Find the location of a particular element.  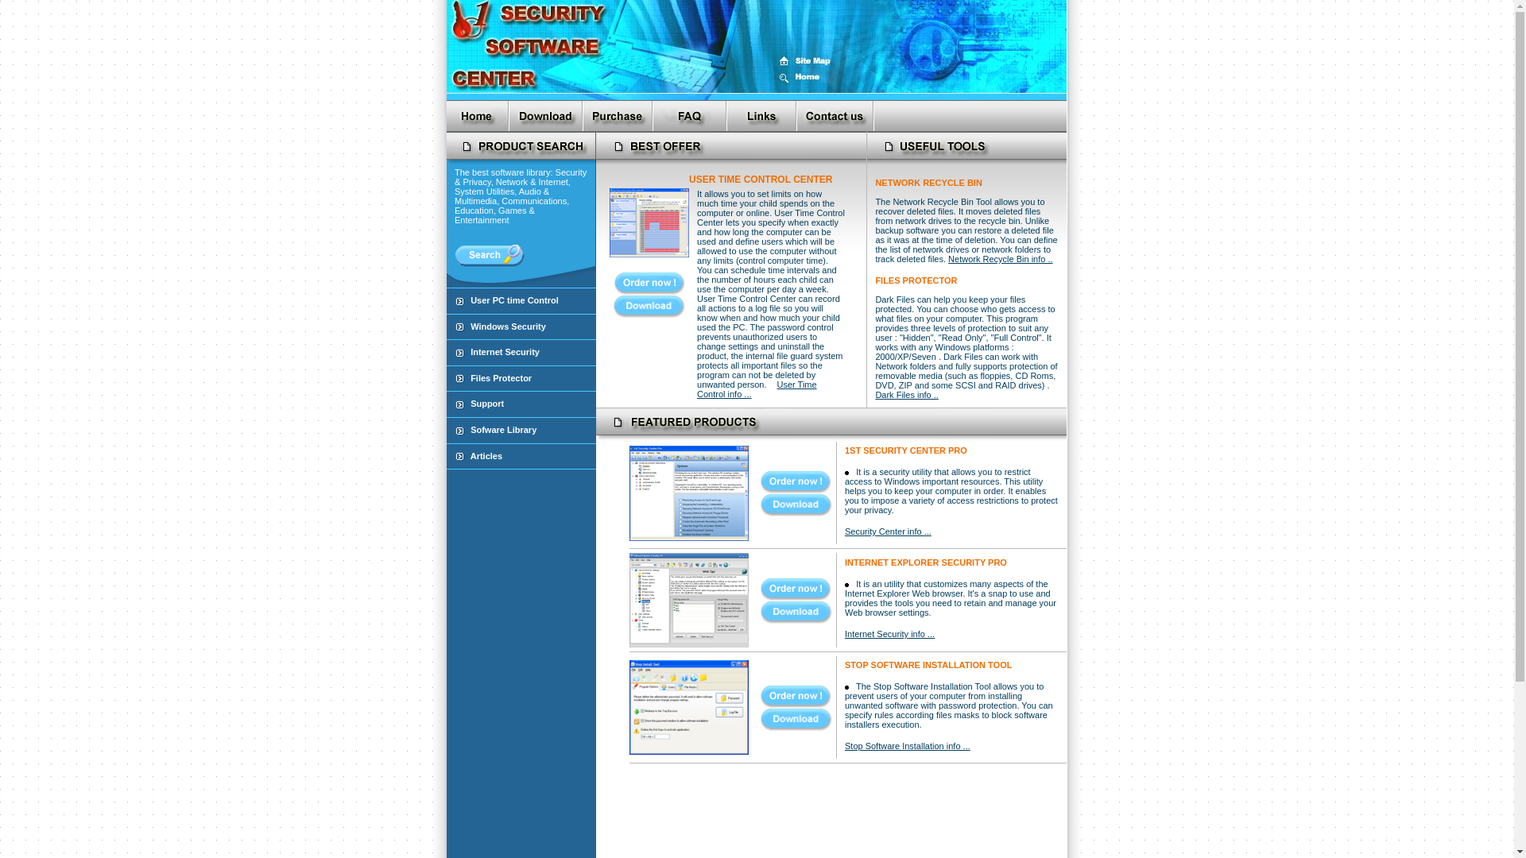

'Internet Security info ...' is located at coordinates (889, 633).